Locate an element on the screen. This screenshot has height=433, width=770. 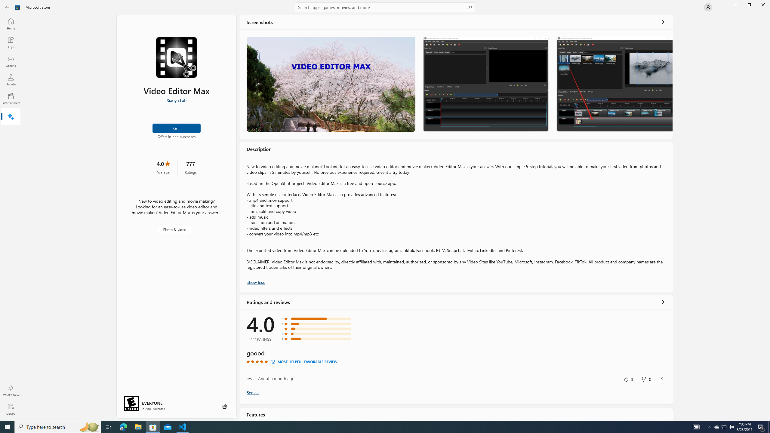
'Age rating: EVERYONE. Click for more information.' is located at coordinates (152, 403).